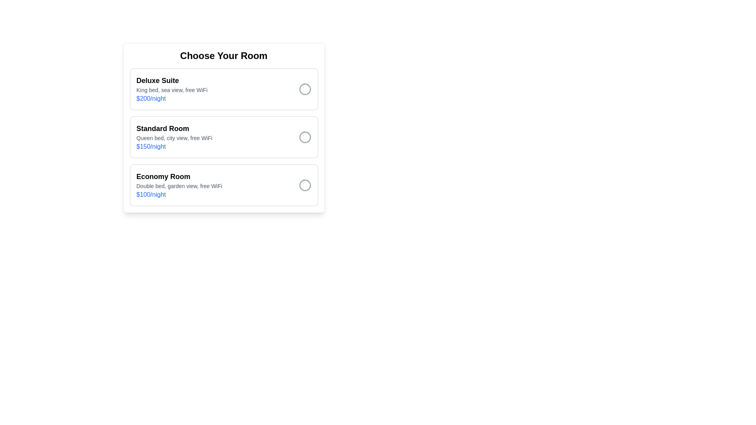 The height and width of the screenshot is (425, 756). What do you see at coordinates (174, 138) in the screenshot?
I see `the text label displaying 'Queen bed, city view, free WiFi', which is positioned below the 'Standard Room' title and above the price '$150/night'` at bounding box center [174, 138].